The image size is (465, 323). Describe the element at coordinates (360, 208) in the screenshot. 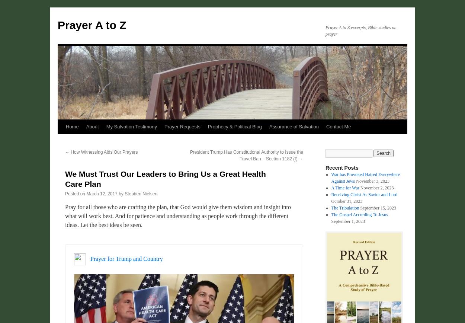

I see `'September 15, 2023'` at that location.